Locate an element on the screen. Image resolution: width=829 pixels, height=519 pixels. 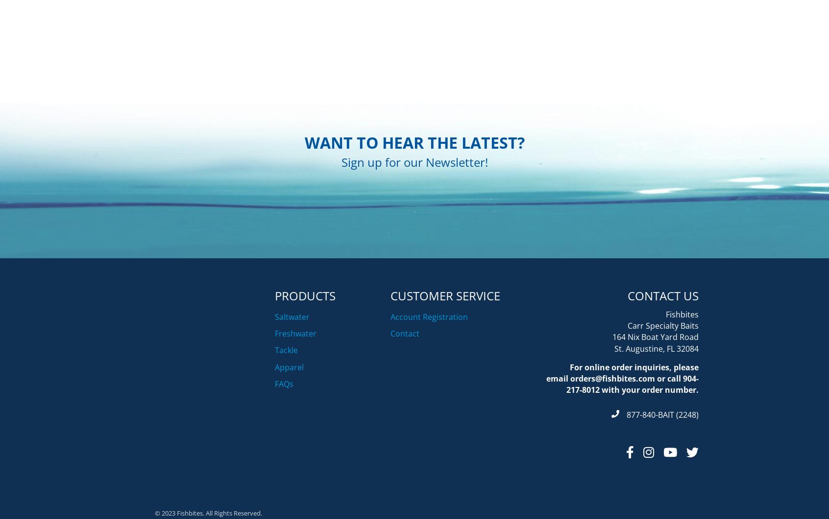
'877-840-BAIT (2248)' is located at coordinates (662, 463).